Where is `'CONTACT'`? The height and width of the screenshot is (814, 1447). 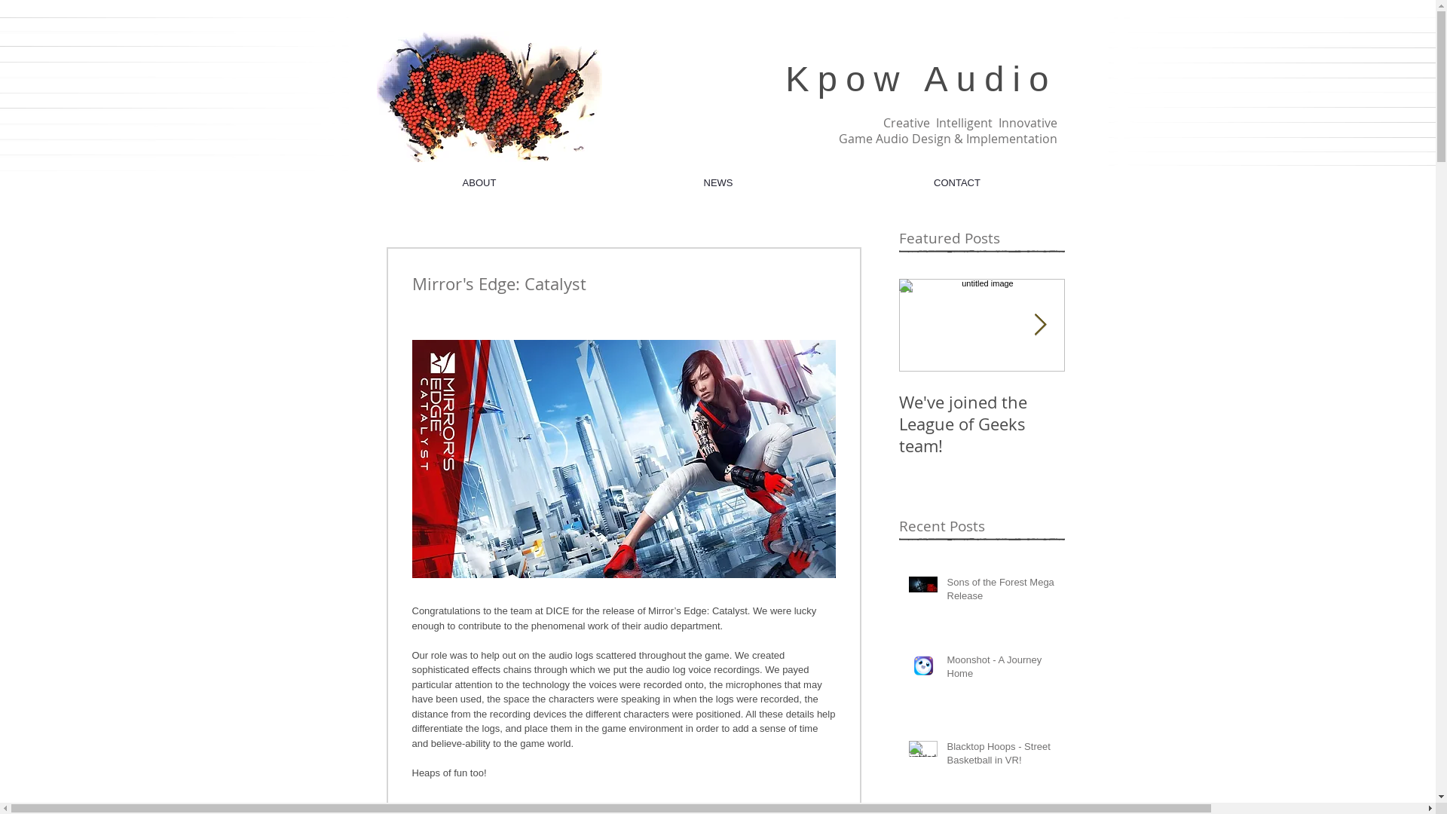
'CONTACT' is located at coordinates (956, 182).